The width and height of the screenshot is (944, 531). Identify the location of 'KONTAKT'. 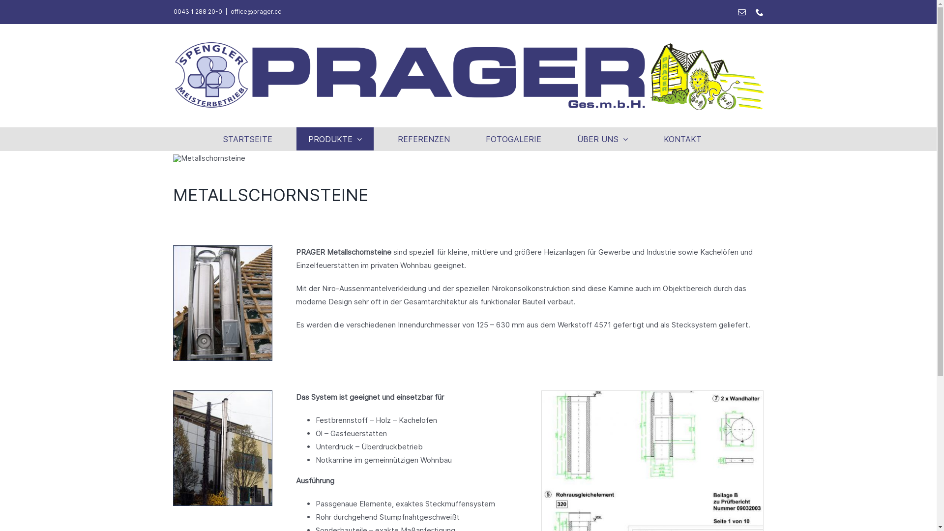
(682, 139).